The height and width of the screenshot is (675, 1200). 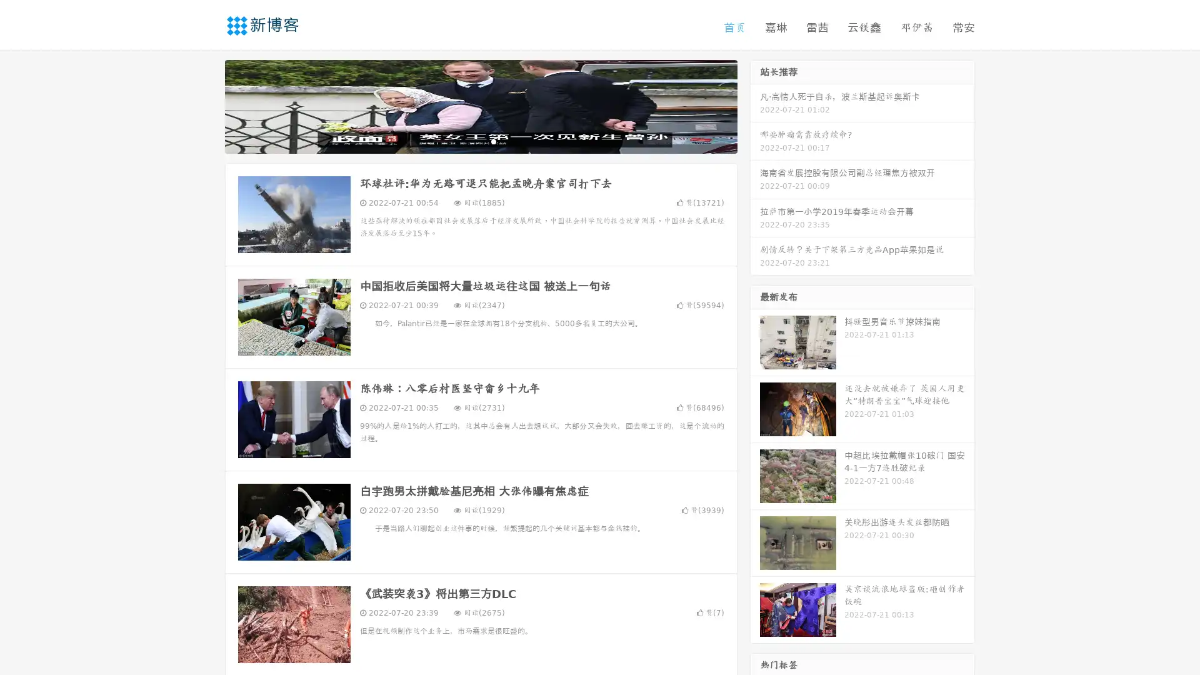 What do you see at coordinates (206, 105) in the screenshot?
I see `Previous slide` at bounding box center [206, 105].